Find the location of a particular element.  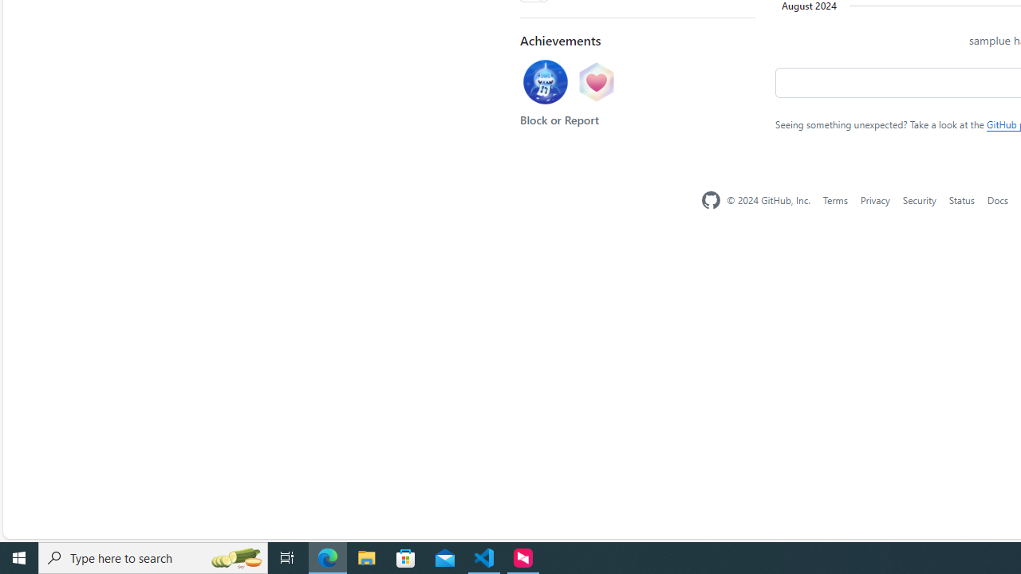

'Block or Report' is located at coordinates (559, 120).